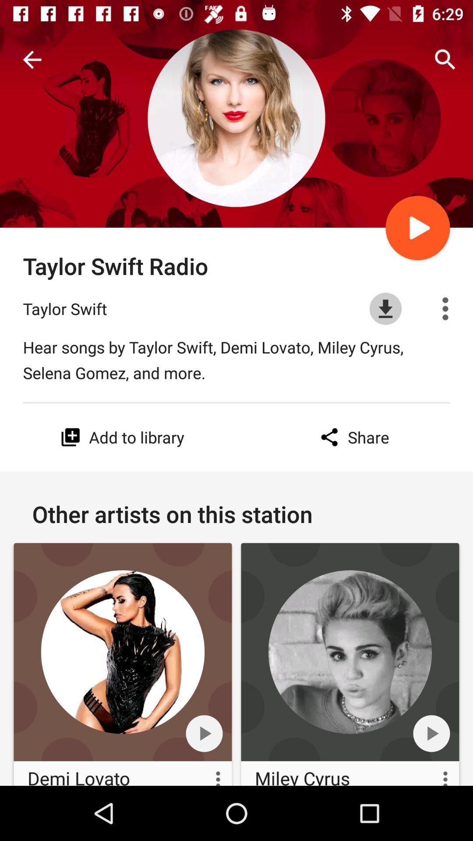 This screenshot has height=841, width=473. What do you see at coordinates (445, 60) in the screenshot?
I see `the search button` at bounding box center [445, 60].